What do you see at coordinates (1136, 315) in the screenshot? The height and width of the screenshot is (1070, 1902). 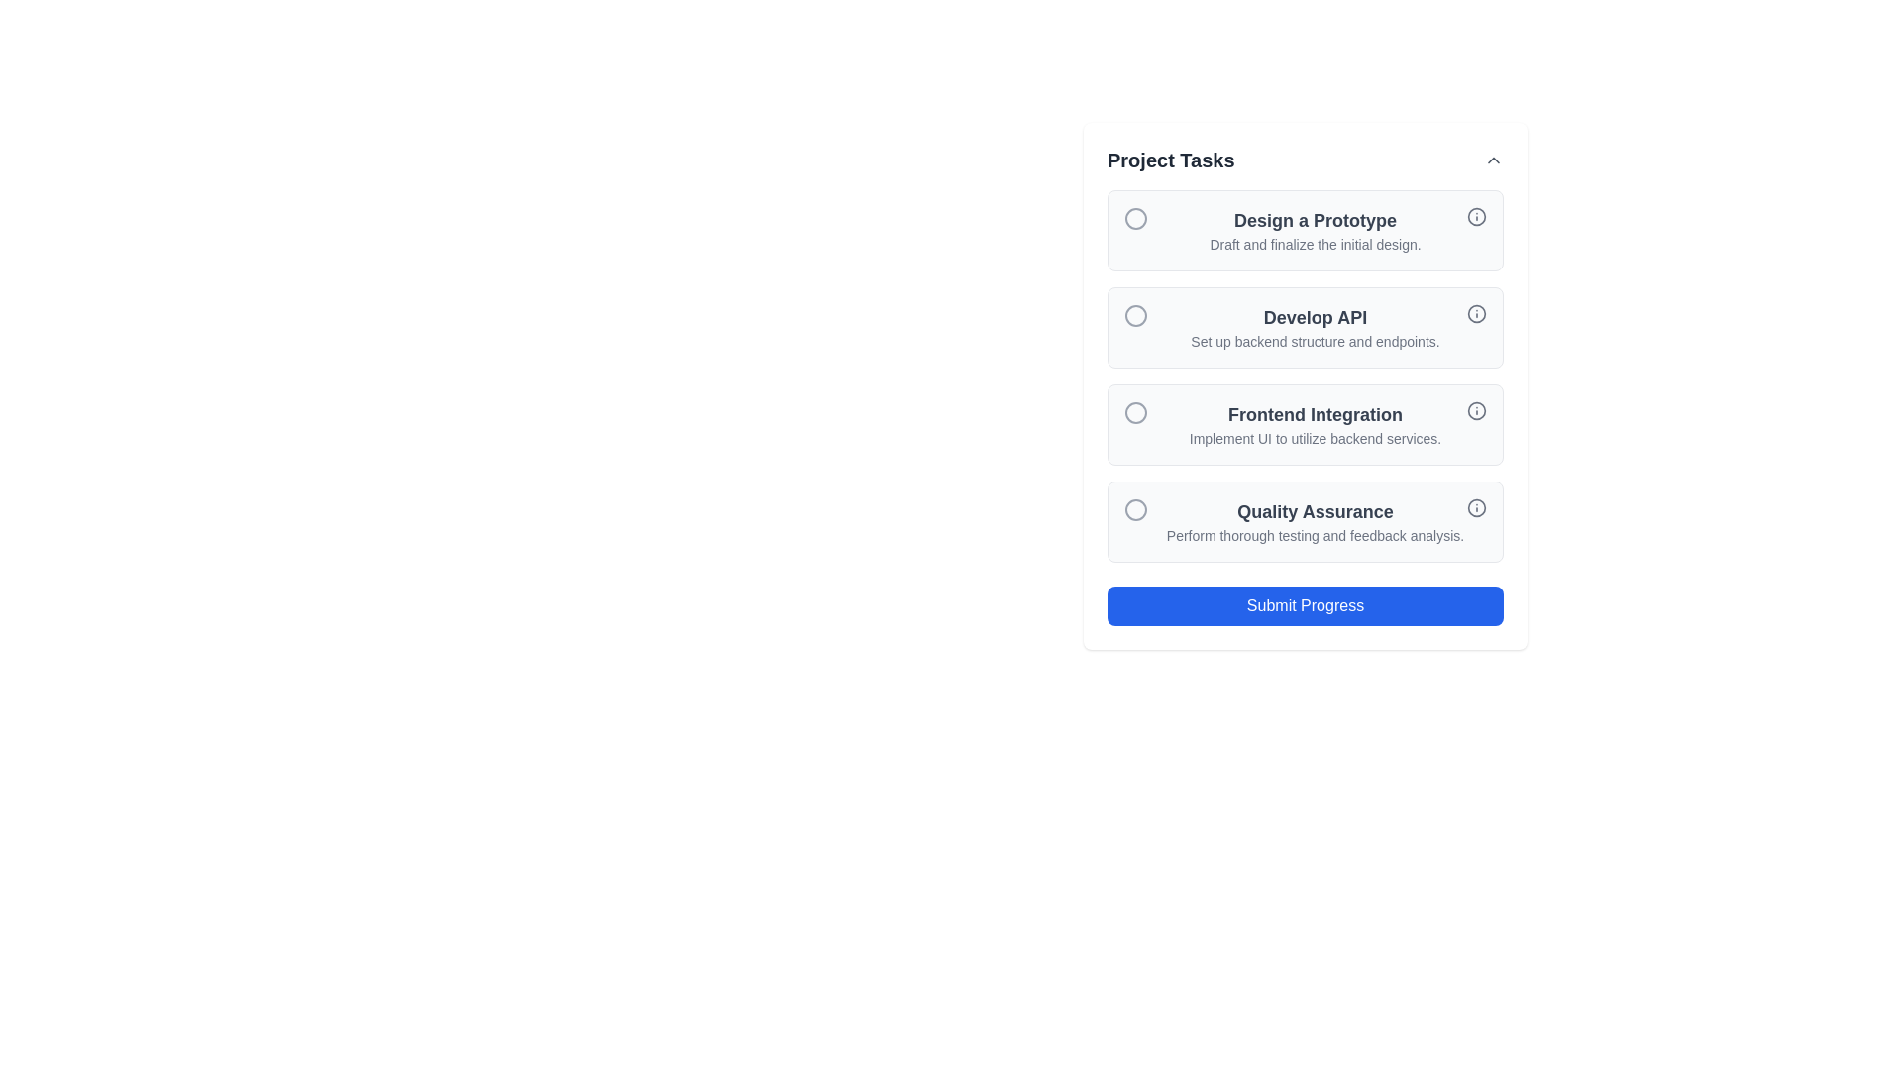 I see `the SVG Circle within the radio button of the third item in the checklist under the heading 'Develop API' to observe potential style changes` at bounding box center [1136, 315].